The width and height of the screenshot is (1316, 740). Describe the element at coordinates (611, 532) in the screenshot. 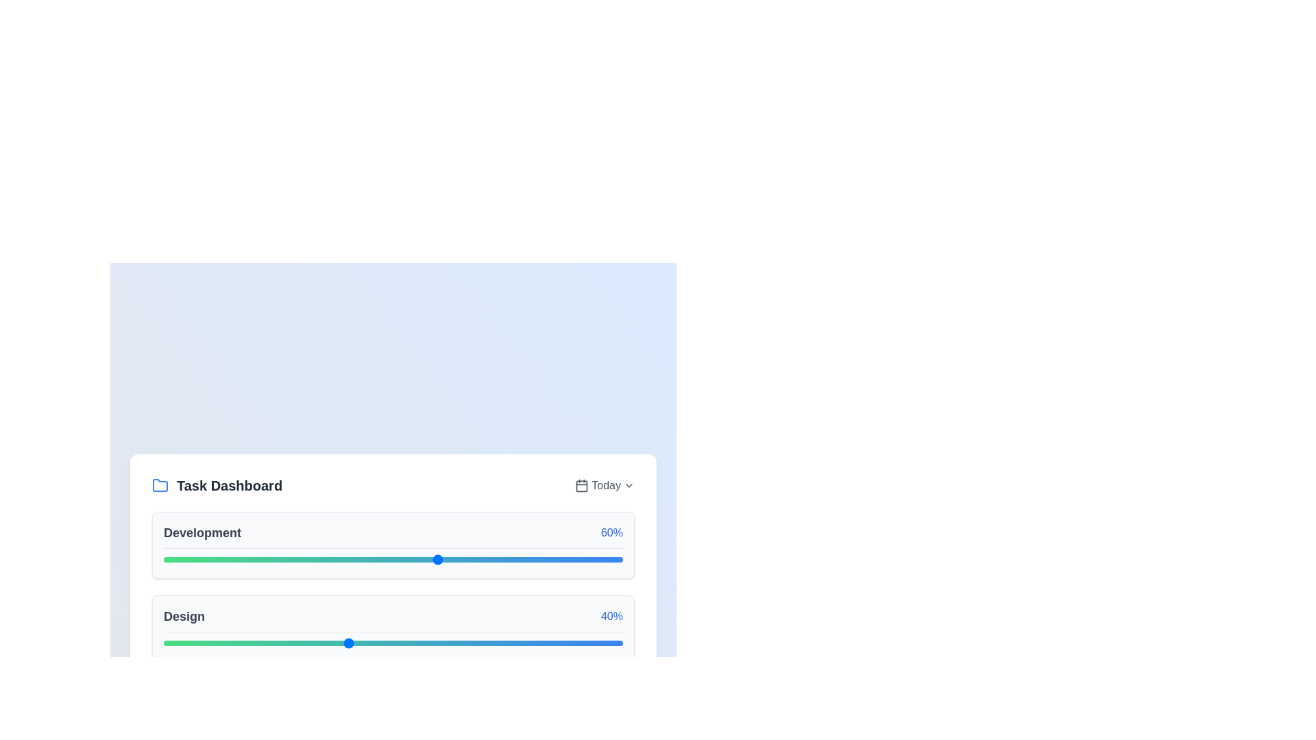

I see `the static text displaying '60%' in a blue, medium-sized bold font, located at the right end of the 'Development' row` at that location.